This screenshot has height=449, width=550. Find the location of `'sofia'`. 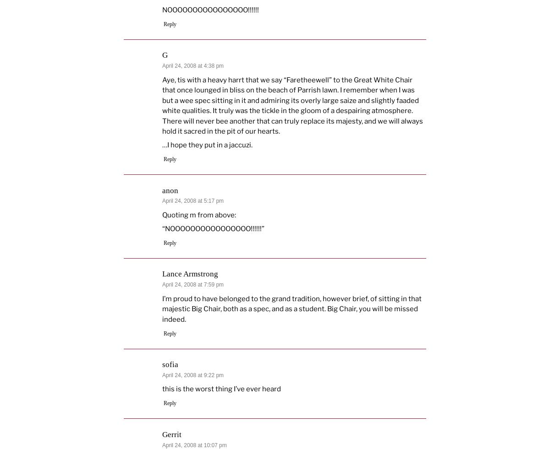

'sofia' is located at coordinates (170, 364).